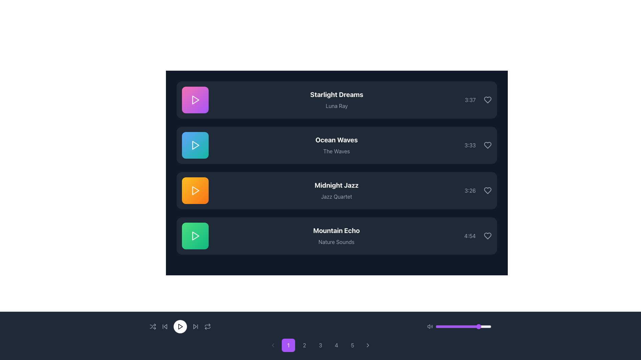 The image size is (641, 360). Describe the element at coordinates (195, 100) in the screenshot. I see `the play button icon, which is a pink-to-purple gradient circular icon at the top of the list in the main content area` at that location.